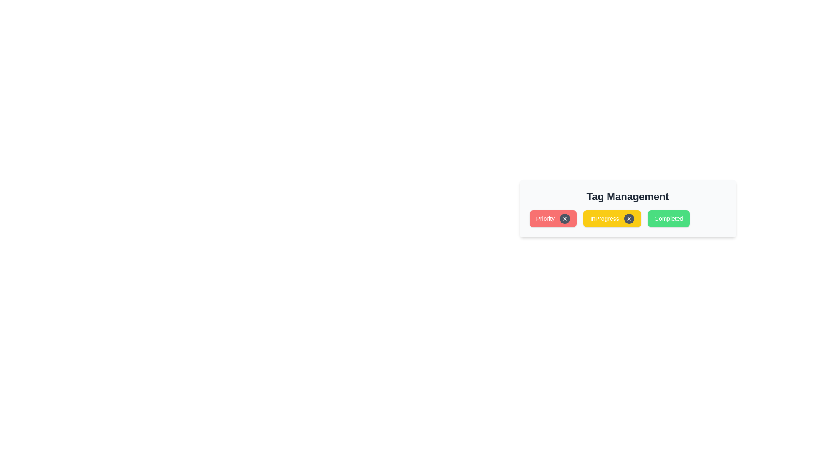  I want to click on the close button of the Priority tag, so click(565, 218).